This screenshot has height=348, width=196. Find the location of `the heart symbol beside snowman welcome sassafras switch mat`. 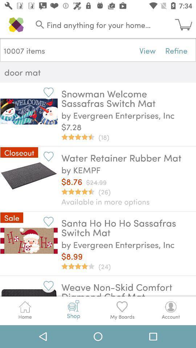

the heart symbol beside snowman welcome sassafras switch mat is located at coordinates (48, 92).